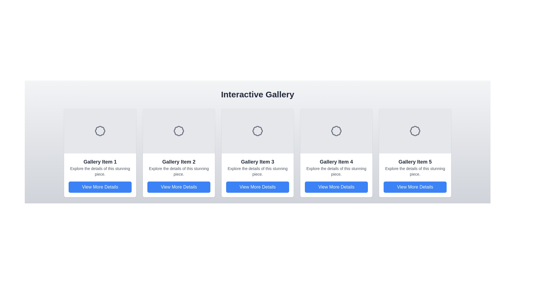 Image resolution: width=540 pixels, height=303 pixels. I want to click on the composite UI component titled 'Gallery Item 3' for accessibility interaction, so click(257, 175).